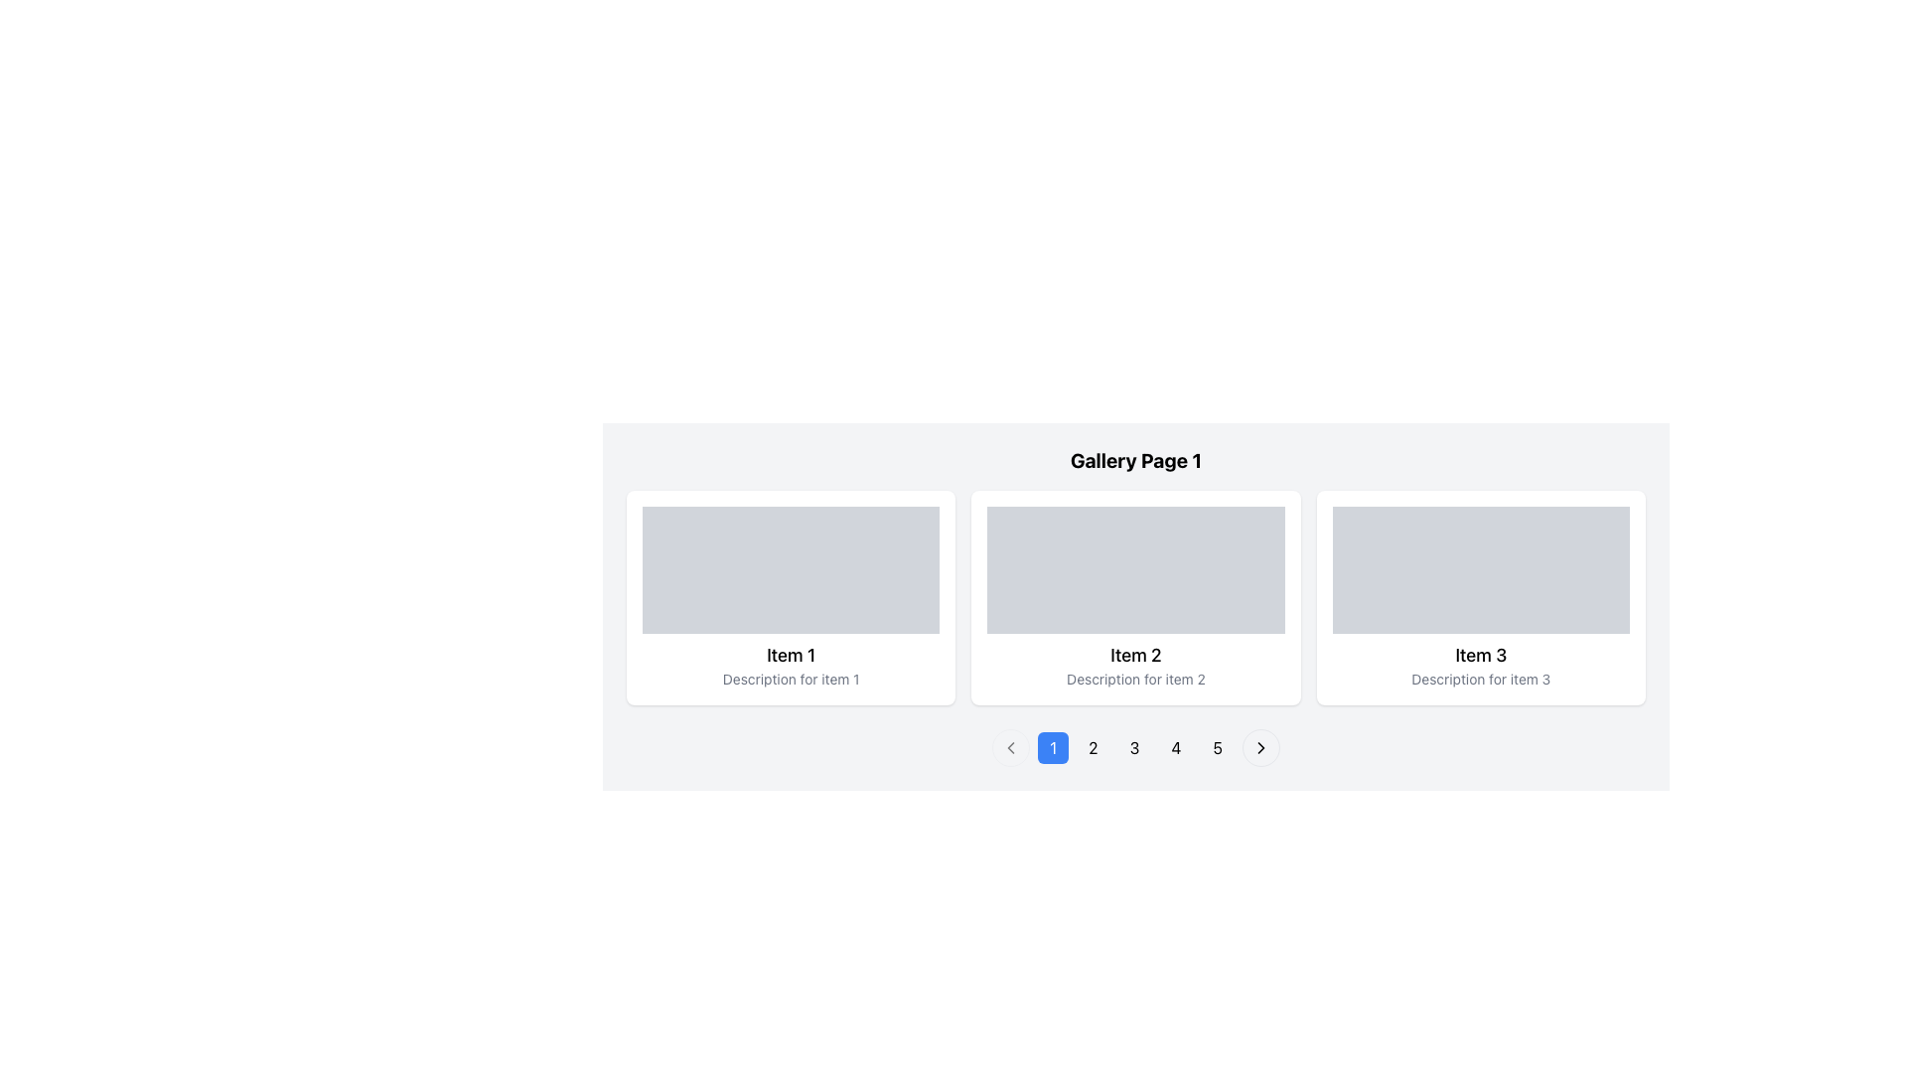  Describe the element at coordinates (790, 596) in the screenshot. I see `the leftmost card in the grid, which displays a title and description for 'Item 1'` at that location.